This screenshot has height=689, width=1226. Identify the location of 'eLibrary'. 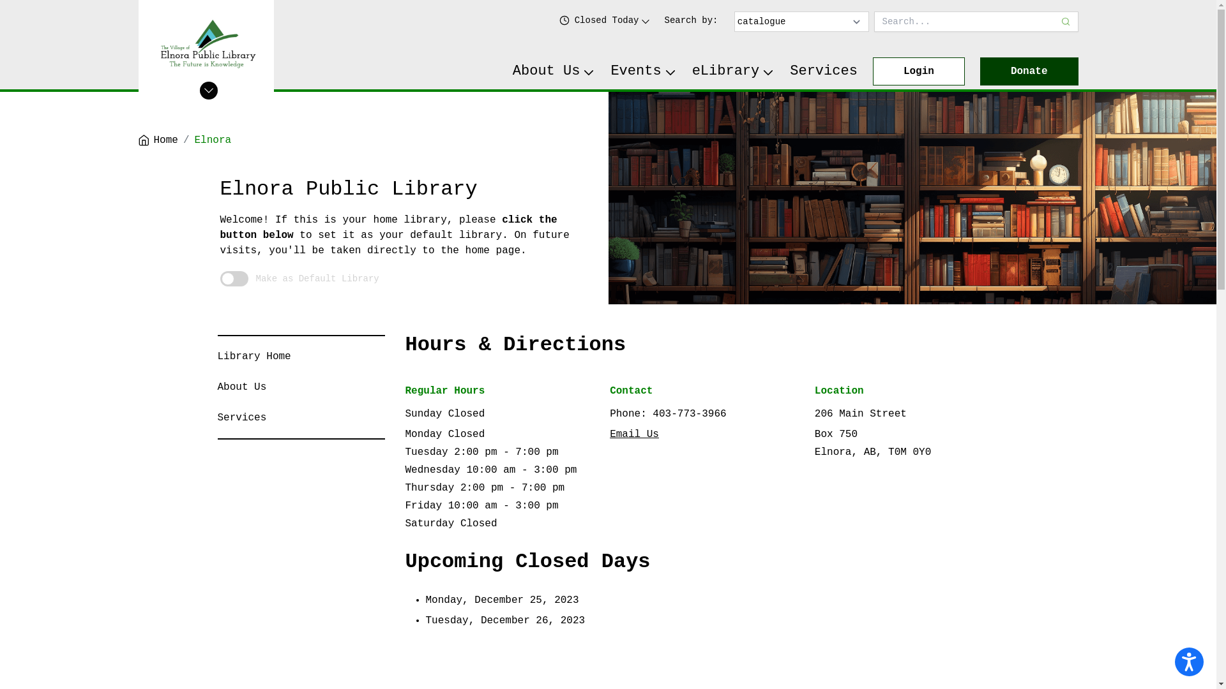
(692, 71).